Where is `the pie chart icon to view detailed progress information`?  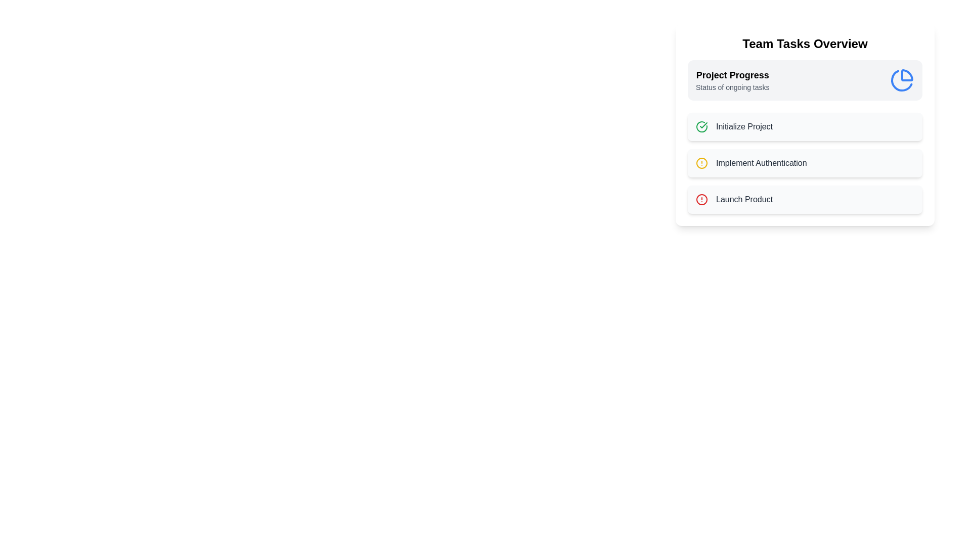
the pie chart icon to view detailed progress information is located at coordinates (902, 79).